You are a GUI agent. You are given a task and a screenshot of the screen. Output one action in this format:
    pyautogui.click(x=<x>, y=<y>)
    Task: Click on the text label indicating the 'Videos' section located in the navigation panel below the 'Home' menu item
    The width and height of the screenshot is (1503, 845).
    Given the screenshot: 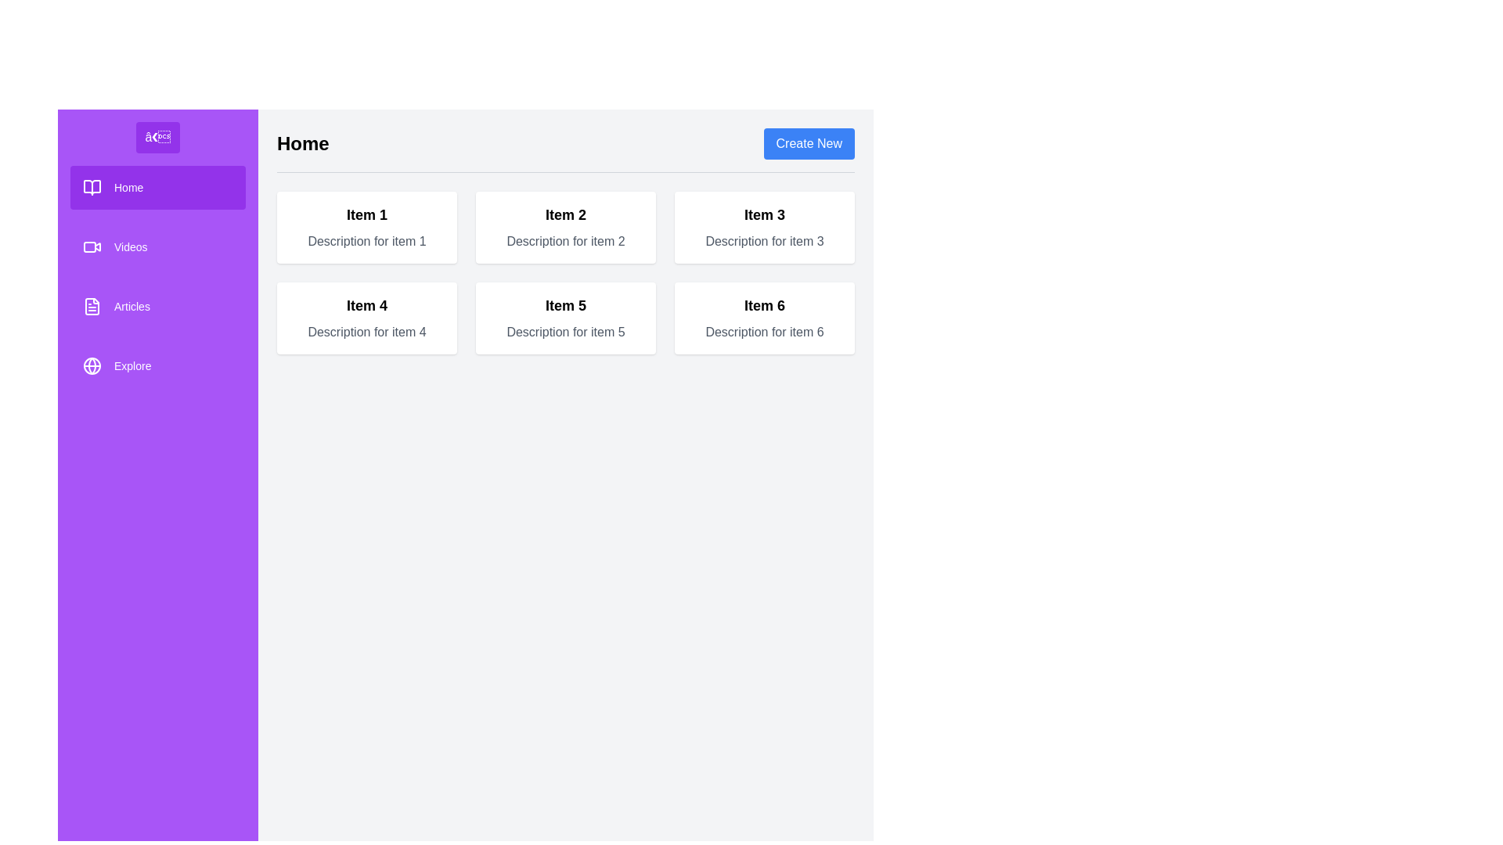 What is the action you would take?
    pyautogui.click(x=131, y=246)
    